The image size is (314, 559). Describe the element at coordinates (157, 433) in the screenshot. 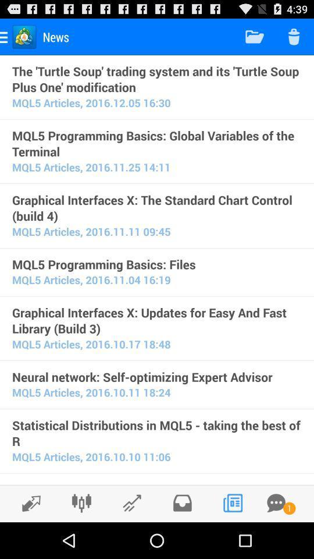

I see `the item above mql5 articles 2016 icon` at that location.